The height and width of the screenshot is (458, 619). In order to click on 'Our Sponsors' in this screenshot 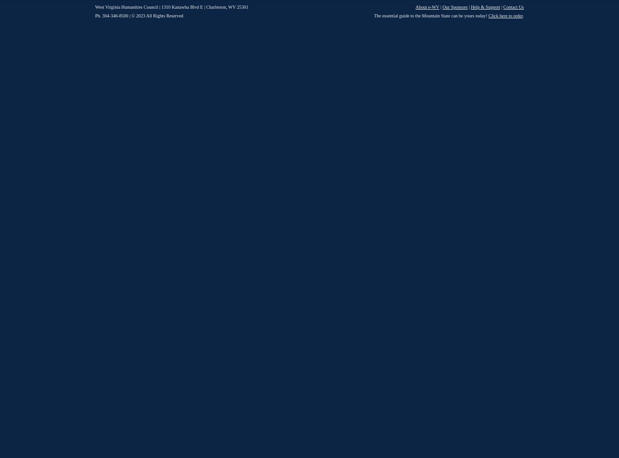, I will do `click(454, 7)`.